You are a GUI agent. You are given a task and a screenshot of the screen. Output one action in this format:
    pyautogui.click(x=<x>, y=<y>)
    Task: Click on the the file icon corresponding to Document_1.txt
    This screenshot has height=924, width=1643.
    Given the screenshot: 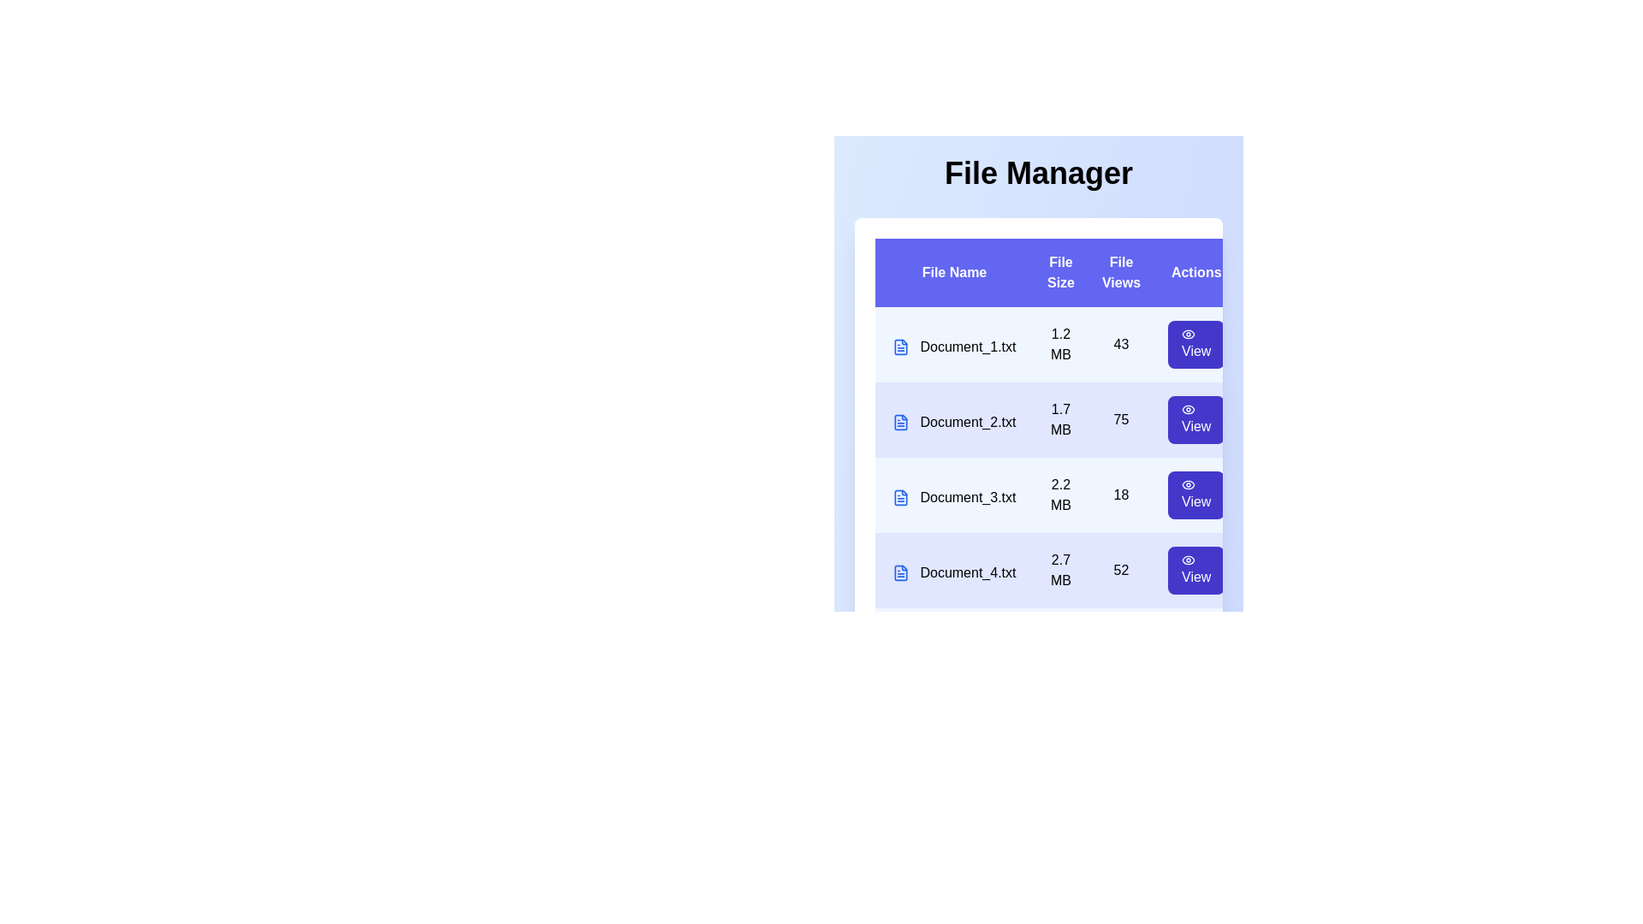 What is the action you would take?
    pyautogui.click(x=899, y=346)
    